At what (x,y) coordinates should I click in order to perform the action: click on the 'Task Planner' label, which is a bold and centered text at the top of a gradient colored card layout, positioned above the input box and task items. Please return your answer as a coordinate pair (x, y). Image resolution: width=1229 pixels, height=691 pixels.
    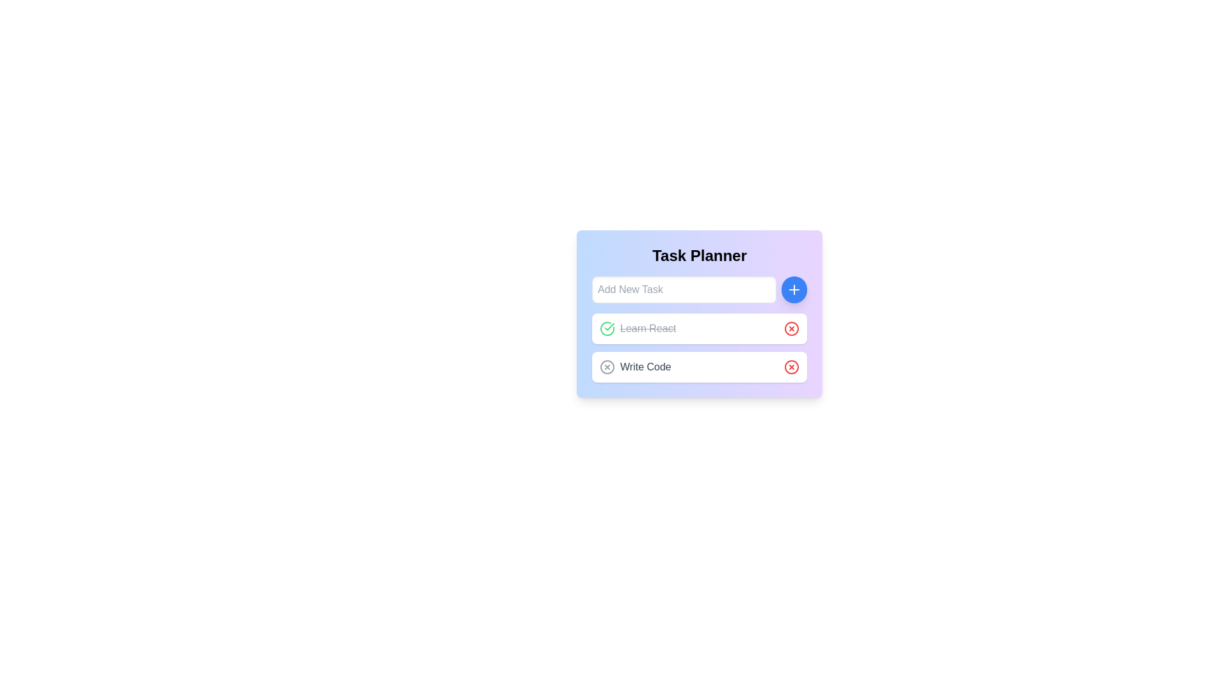
    Looking at the image, I should click on (699, 256).